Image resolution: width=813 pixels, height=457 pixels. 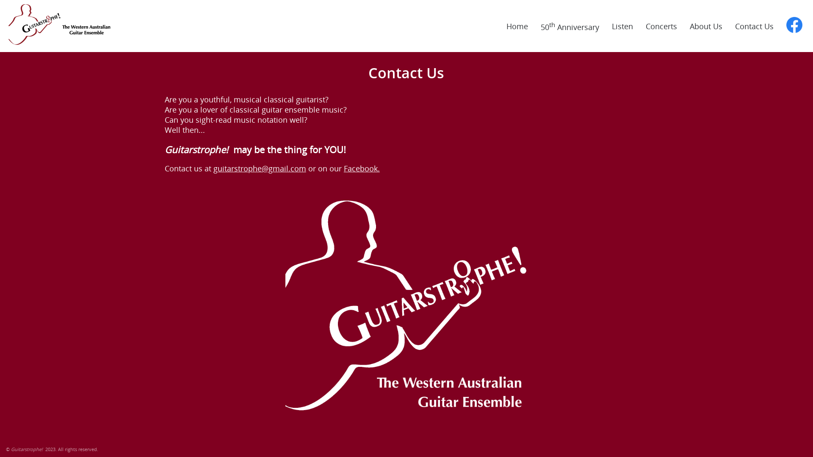 I want to click on 'Listen', so click(x=622, y=25).